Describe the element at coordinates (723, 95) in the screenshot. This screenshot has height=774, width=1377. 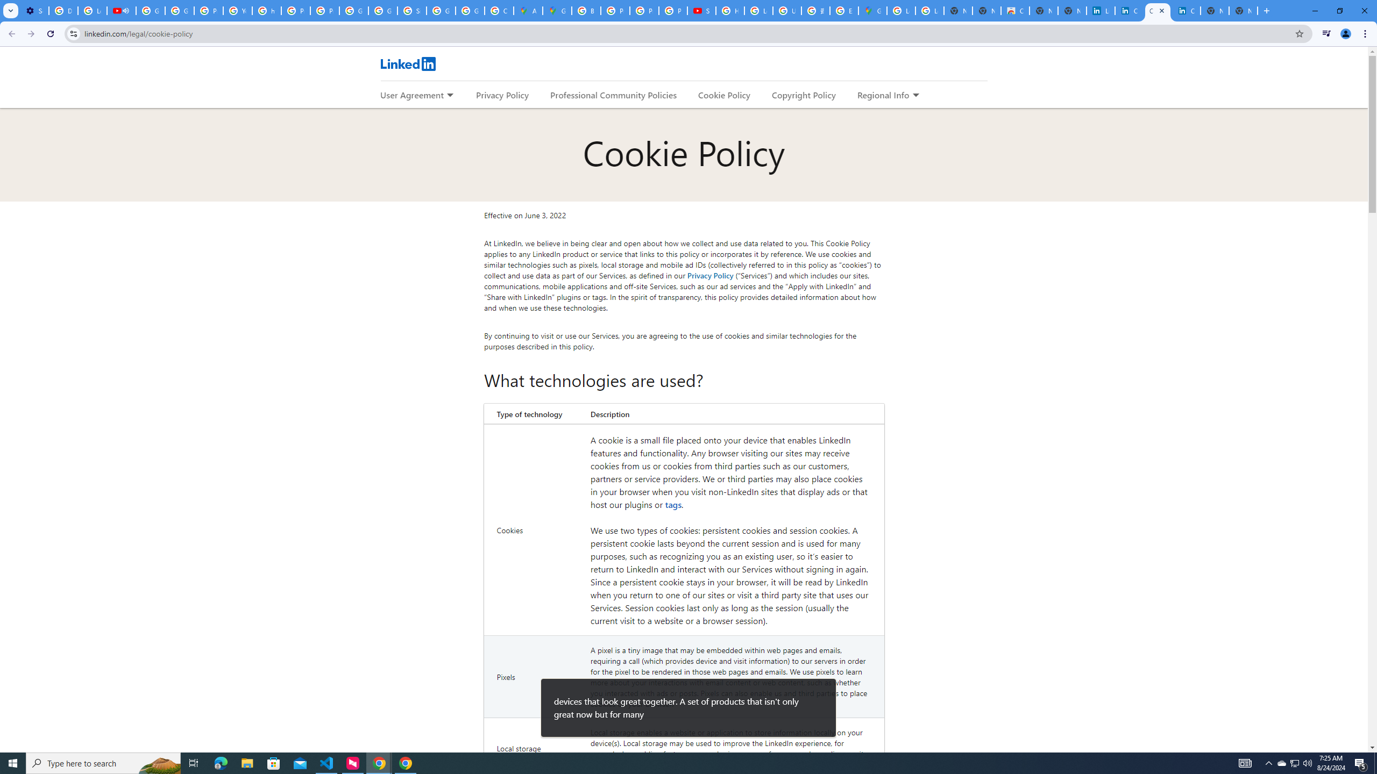
I see `'Cookie Policy'` at that location.